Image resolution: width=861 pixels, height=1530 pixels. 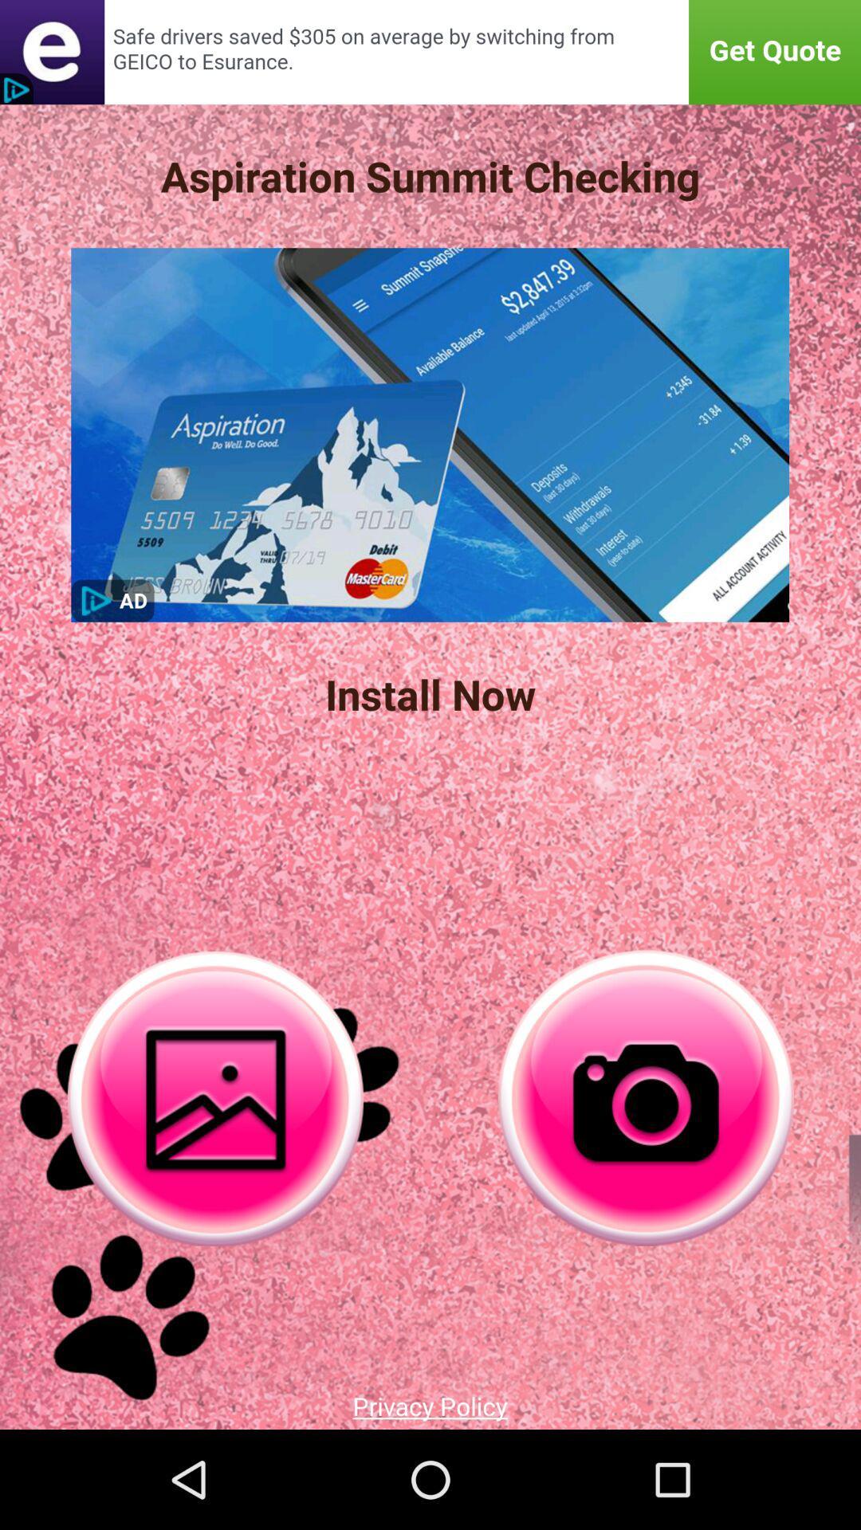 What do you see at coordinates (215, 1097) in the screenshot?
I see `snap shot` at bounding box center [215, 1097].